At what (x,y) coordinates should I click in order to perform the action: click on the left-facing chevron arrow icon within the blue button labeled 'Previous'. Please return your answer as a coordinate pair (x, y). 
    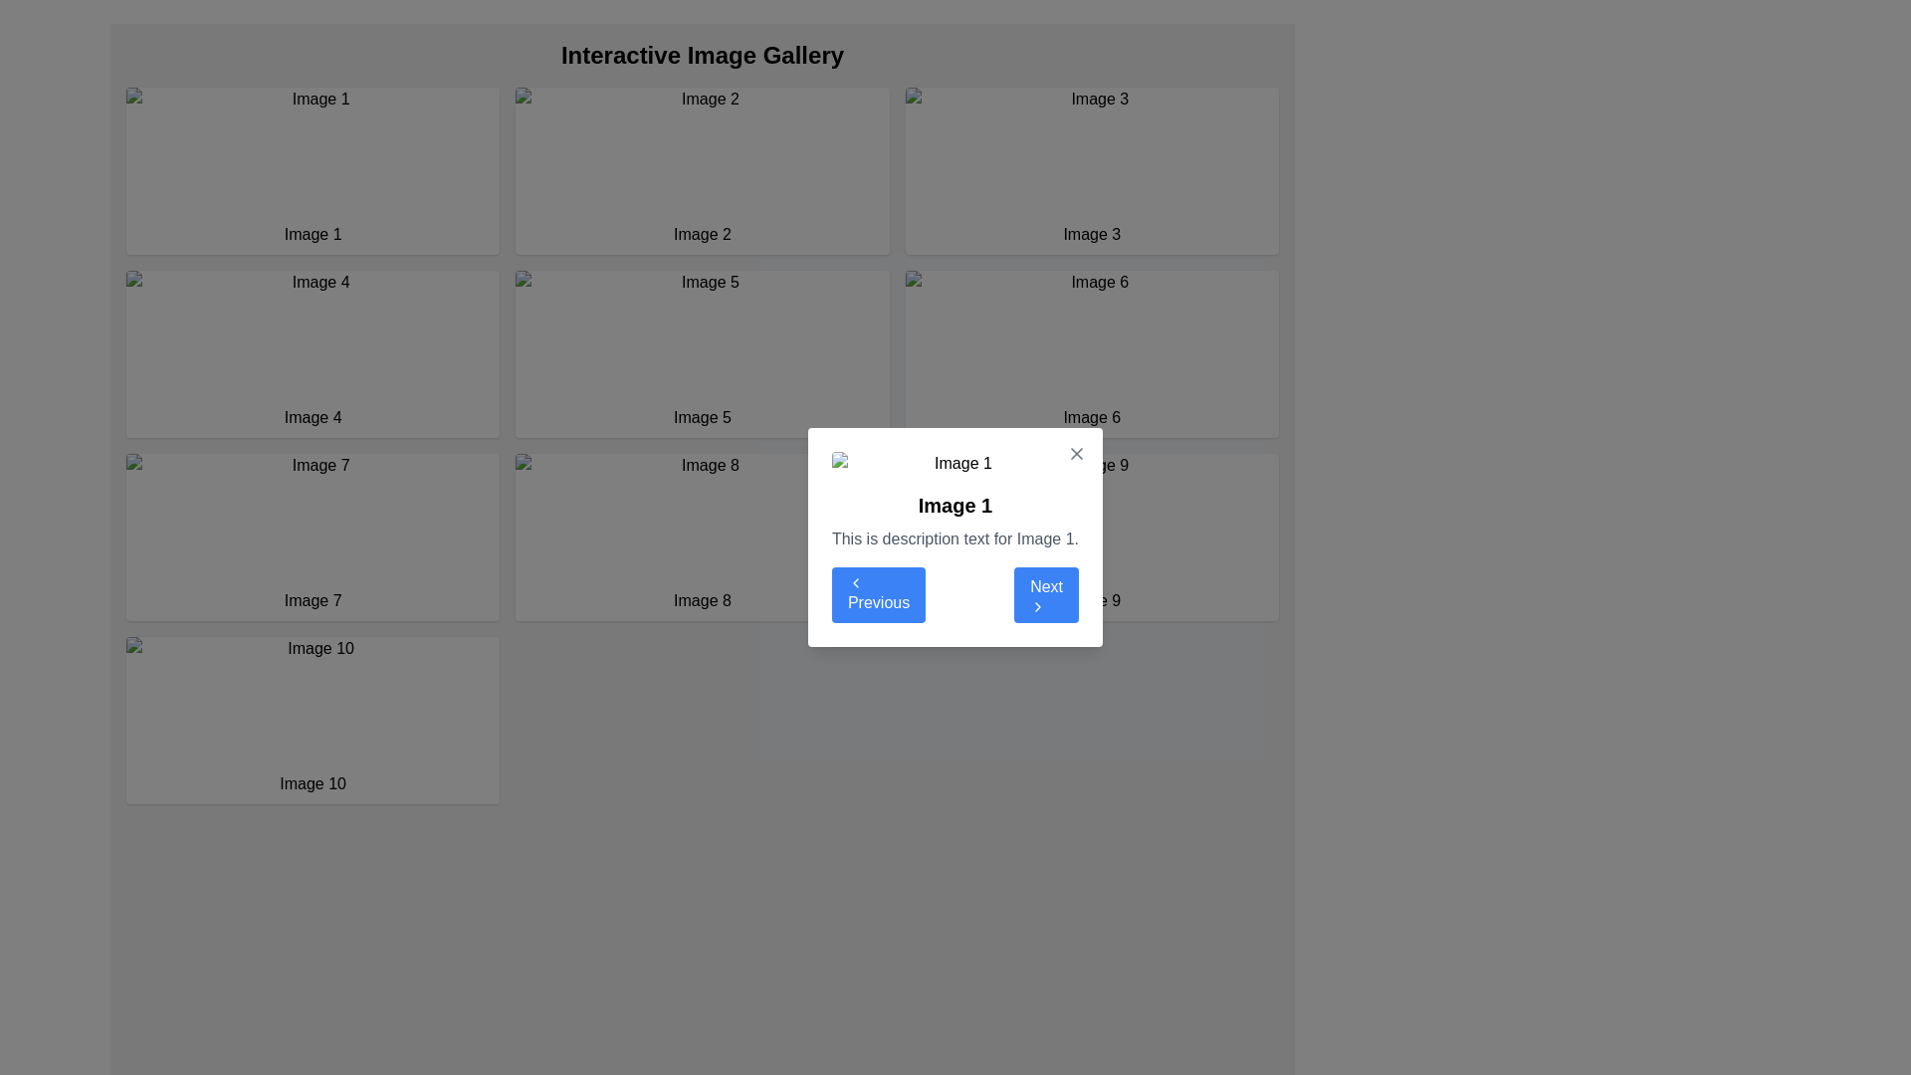
    Looking at the image, I should click on (855, 582).